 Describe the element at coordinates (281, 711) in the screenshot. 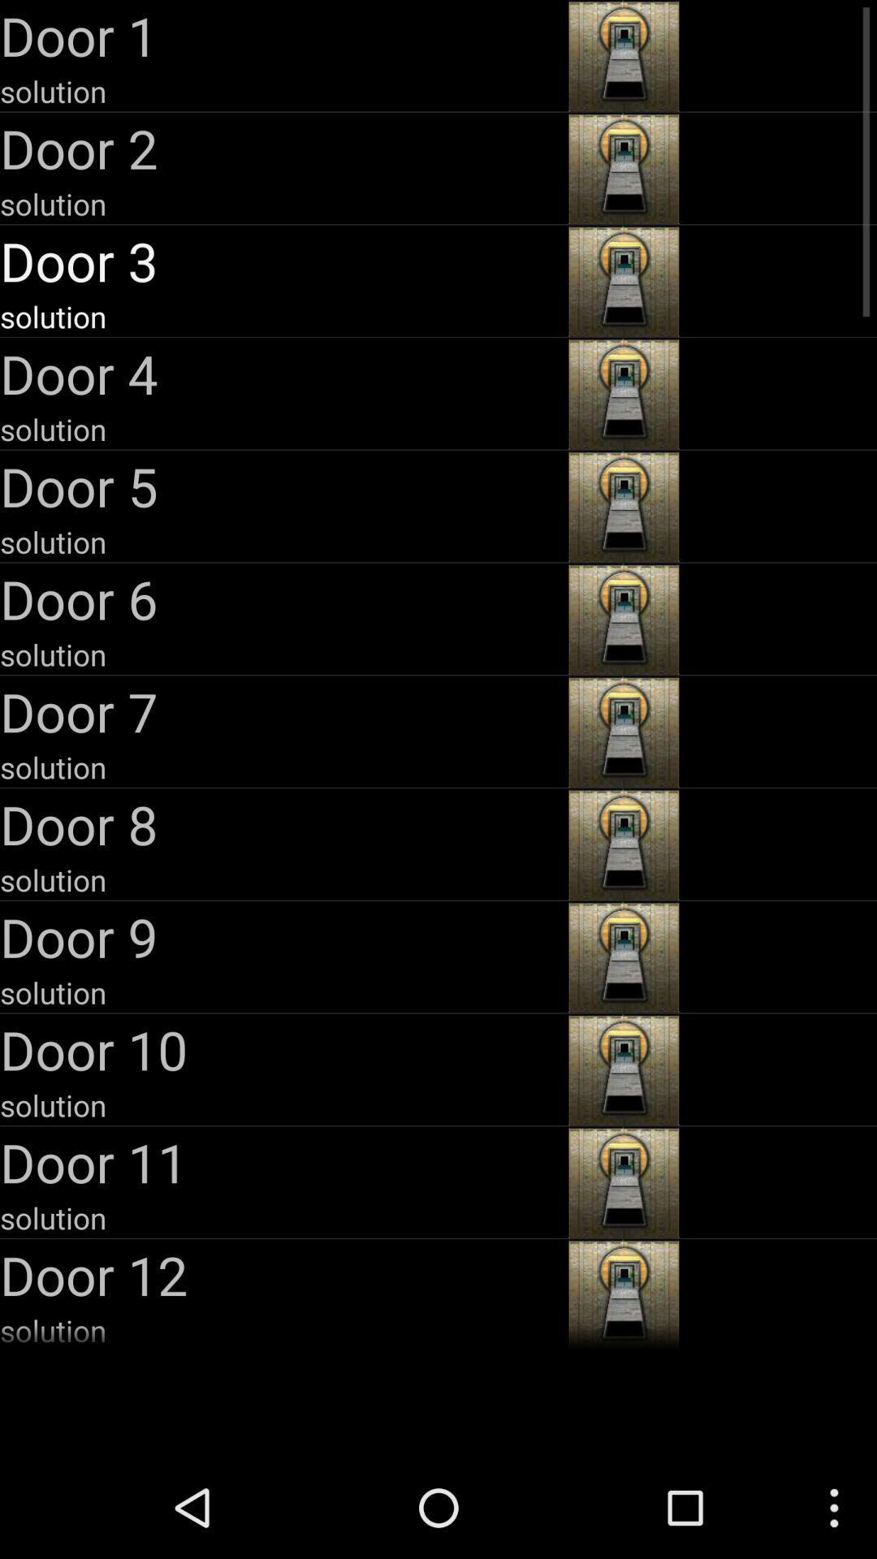

I see `the item below solution app` at that location.